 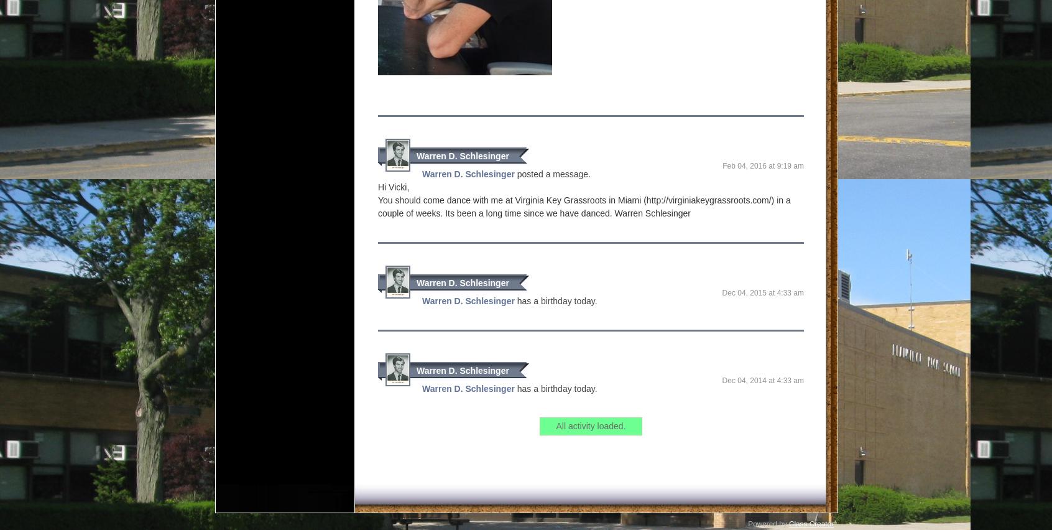 I want to click on 'Powered by', so click(x=768, y=504).